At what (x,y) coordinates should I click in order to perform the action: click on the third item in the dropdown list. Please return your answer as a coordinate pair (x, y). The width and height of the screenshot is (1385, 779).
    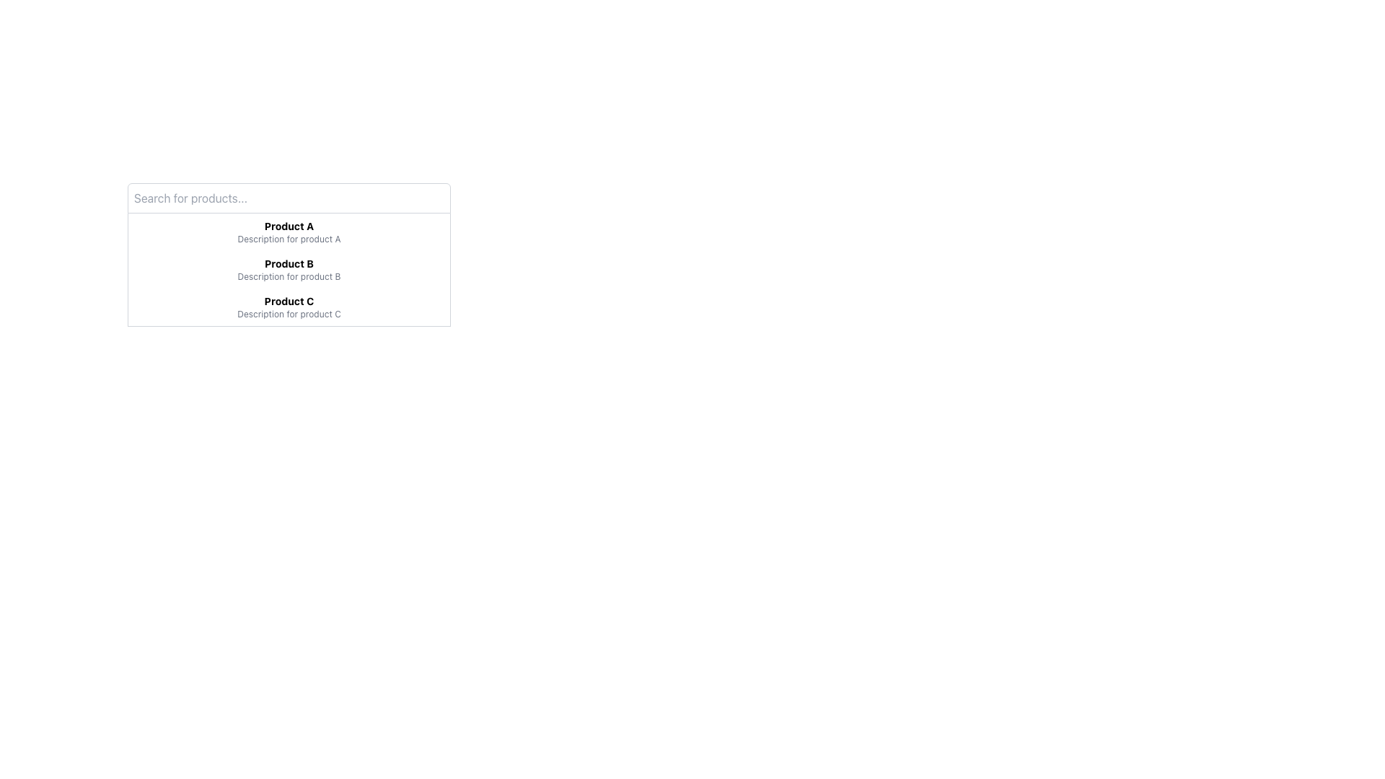
    Looking at the image, I should click on (289, 306).